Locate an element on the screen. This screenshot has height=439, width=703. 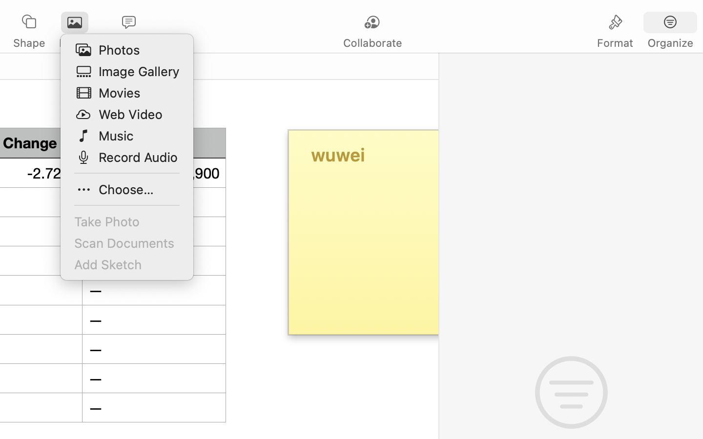
'Format' is located at coordinates (615, 42).